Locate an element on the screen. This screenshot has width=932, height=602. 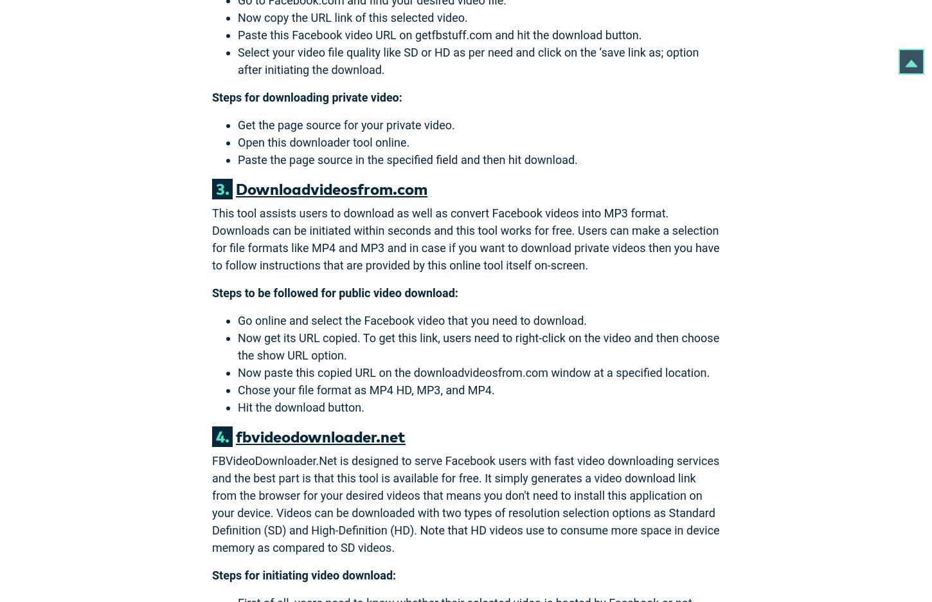
'This tool assists users to download as well as convert Facebook videos into MP3 format. Downloads can be initiated within seconds and this tool works for free. Users can make a selection for file formats like MP4 and MP3 and in case if you want to download private videos then you have to follow instructions that are provided by this online tool itself on-screen.' is located at coordinates (212, 239).